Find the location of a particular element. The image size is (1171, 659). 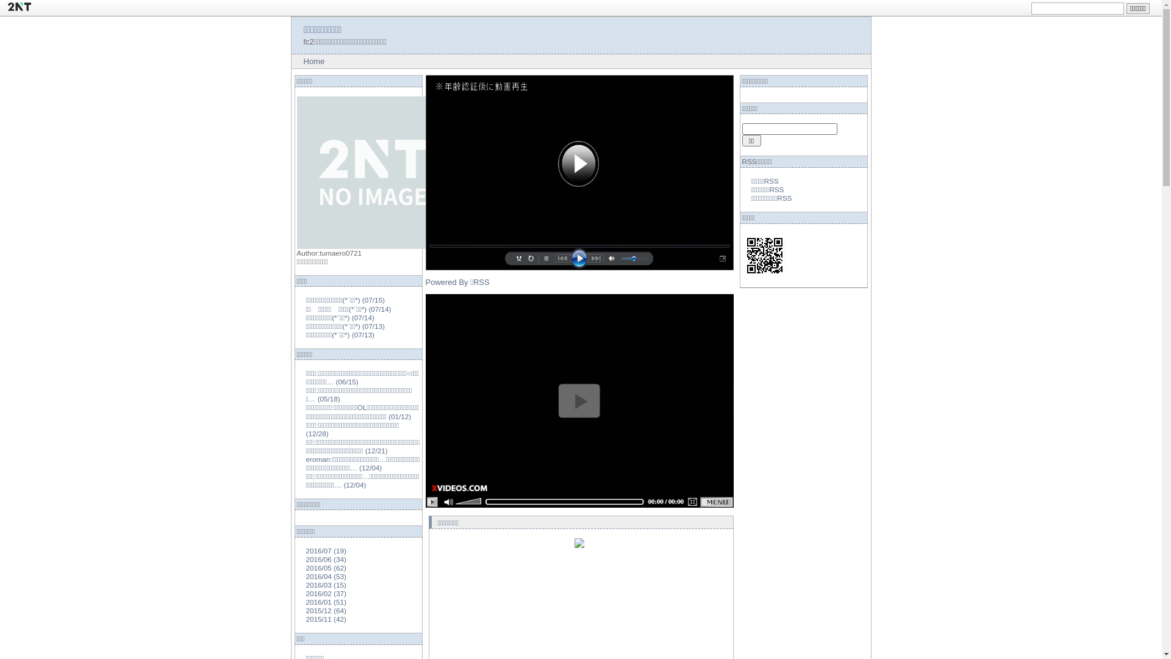

'2015/12 (64)' is located at coordinates (326, 610).